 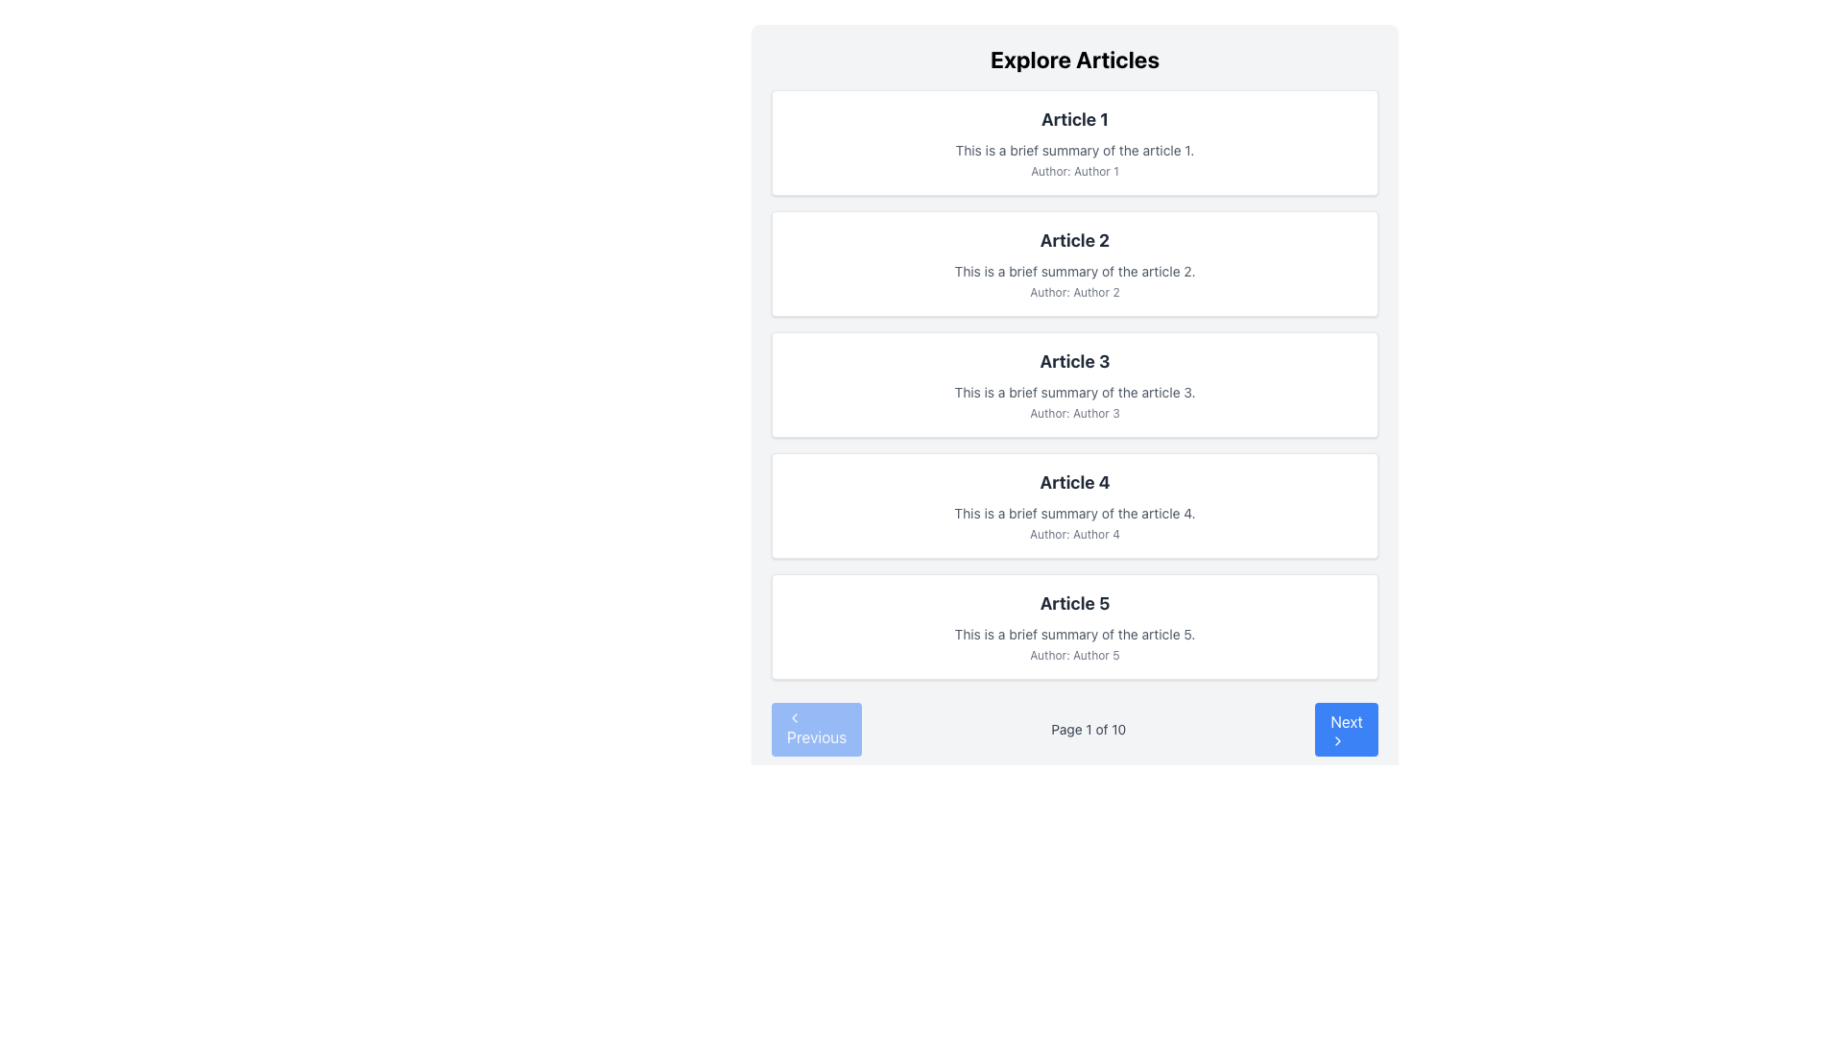 I want to click on the static text element reading 'This is a brief summary of the article 1.' which is located beneath the title 'Article 1' and above the author information 'Author: Author 1', so click(x=1073, y=150).